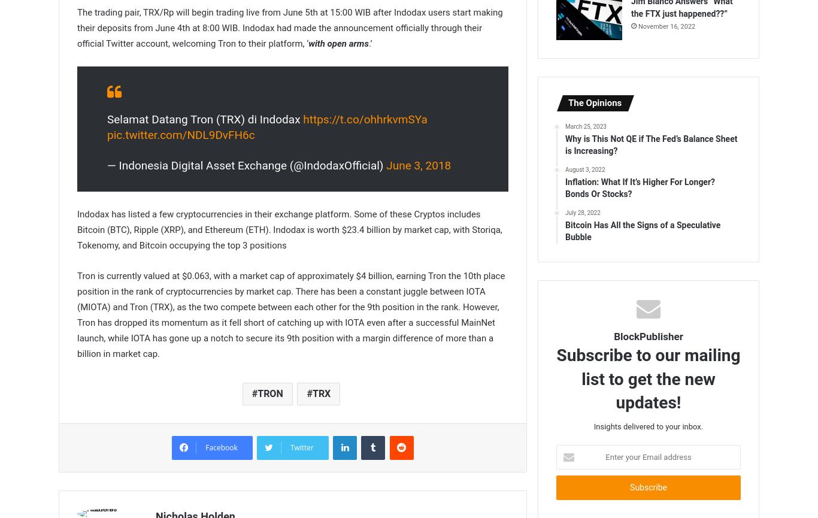 The image size is (818, 518). Describe the element at coordinates (647, 378) in the screenshot. I see `'Subscribe to our mailing list to get the new updates!'` at that location.